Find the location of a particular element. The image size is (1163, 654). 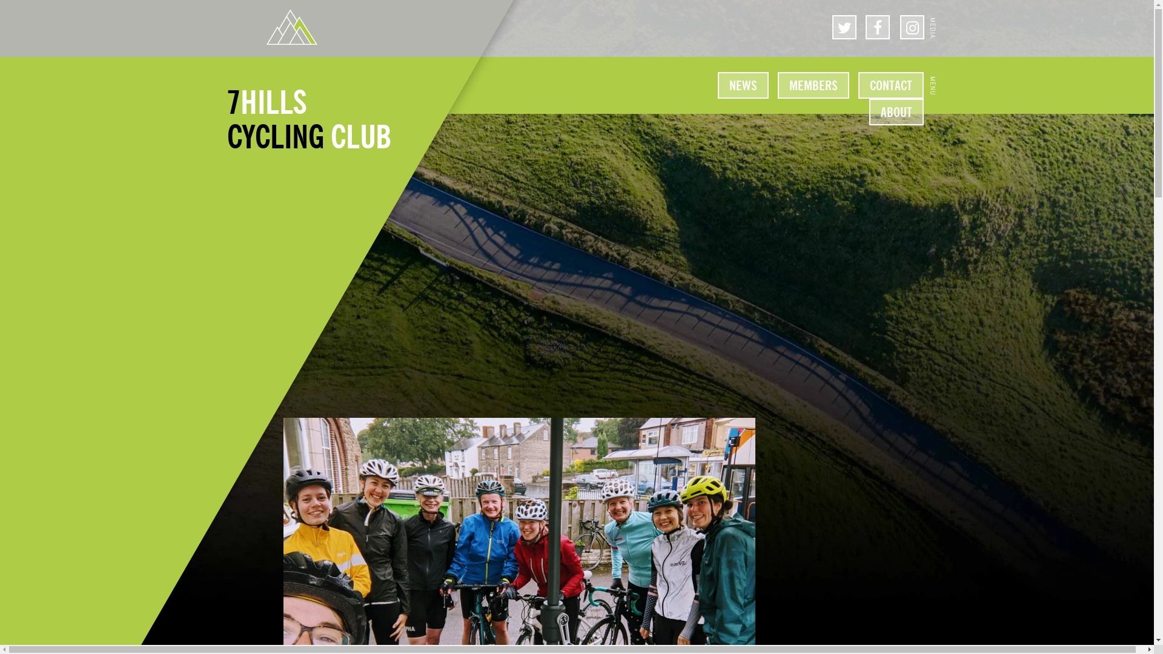

'MEMBERS' is located at coordinates (813, 85).